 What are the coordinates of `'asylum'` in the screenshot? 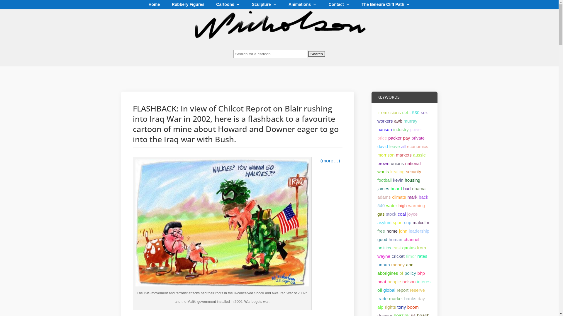 It's located at (384, 222).